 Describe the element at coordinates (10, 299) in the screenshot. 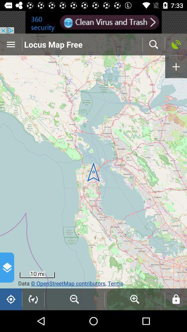

I see `the location_crosshair icon` at that location.